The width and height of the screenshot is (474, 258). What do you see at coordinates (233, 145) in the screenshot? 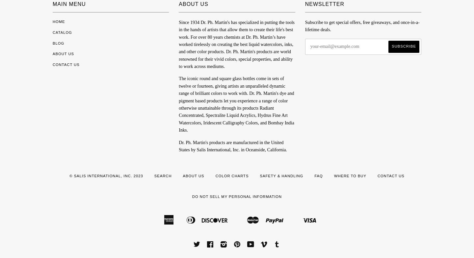
I see `'Dr. Ph. Martin's products are manufactured in the United States by Salis International, Inc. in Oceanside, California.'` at bounding box center [233, 145].